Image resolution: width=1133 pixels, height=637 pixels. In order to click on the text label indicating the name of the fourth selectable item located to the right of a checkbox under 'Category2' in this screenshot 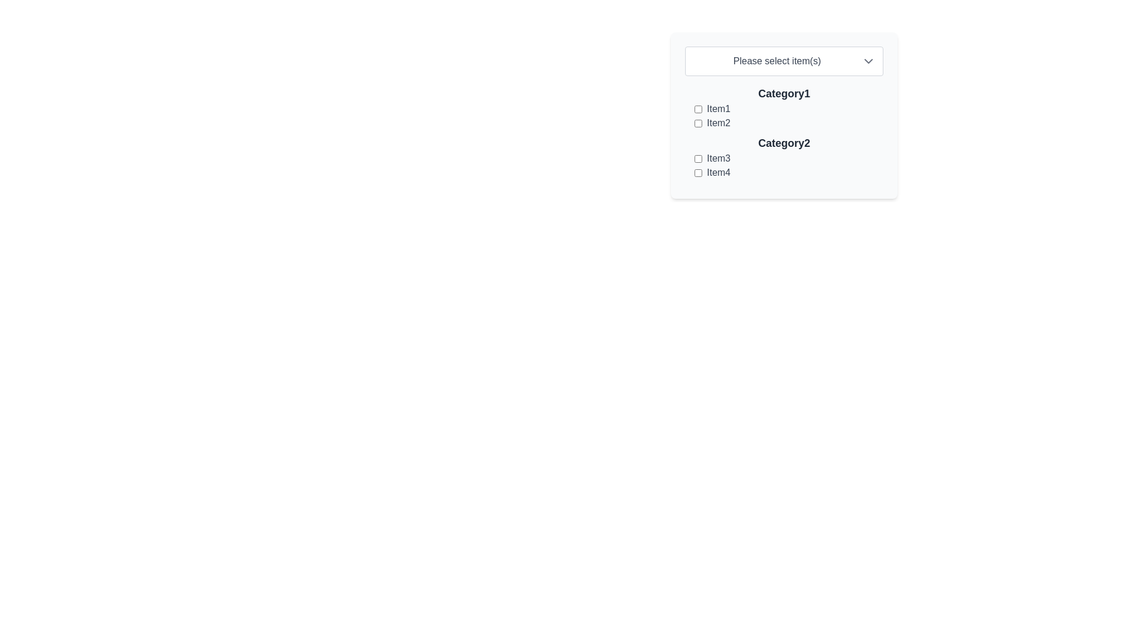, I will do `click(718, 173)`.